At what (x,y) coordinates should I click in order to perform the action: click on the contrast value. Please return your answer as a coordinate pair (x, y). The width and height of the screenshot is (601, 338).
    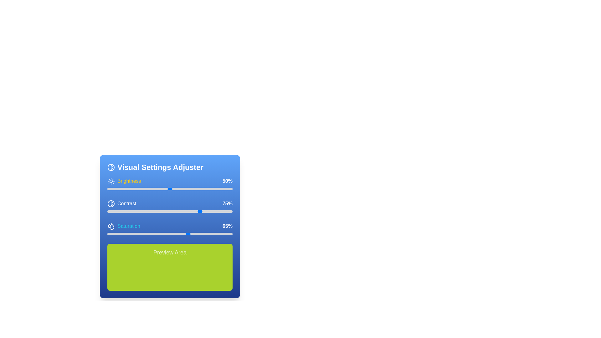
    Looking at the image, I should click on (153, 211).